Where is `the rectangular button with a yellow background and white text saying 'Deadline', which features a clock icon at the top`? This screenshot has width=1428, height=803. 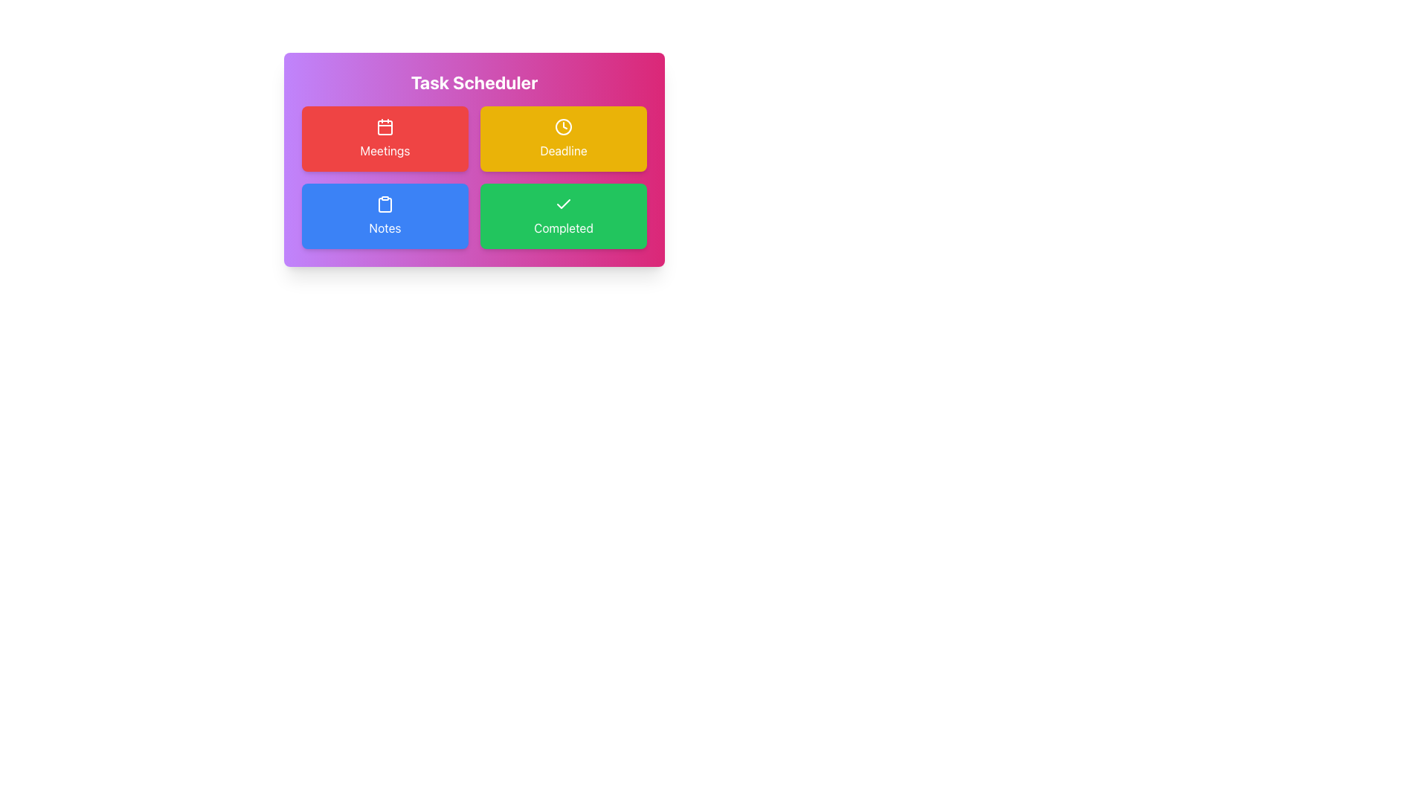 the rectangular button with a yellow background and white text saying 'Deadline', which features a clock icon at the top is located at coordinates (563, 138).